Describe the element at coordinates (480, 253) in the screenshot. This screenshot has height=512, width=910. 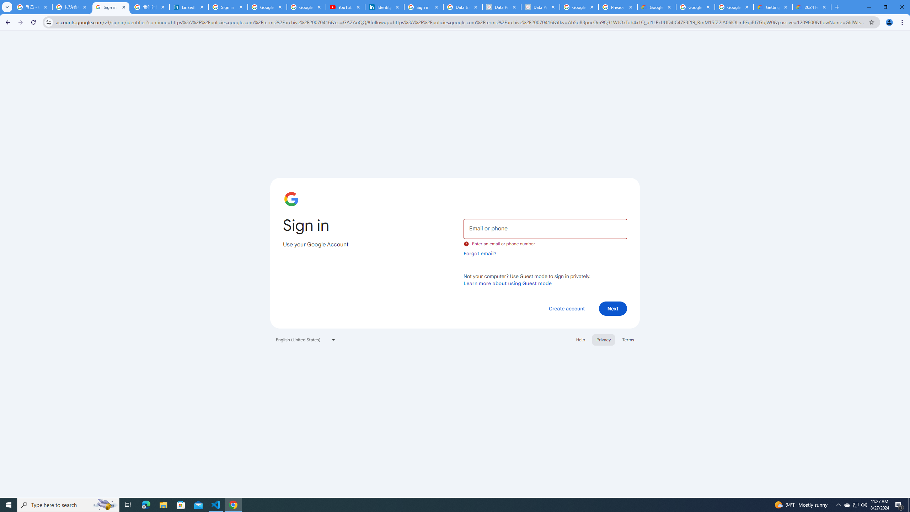
I see `'Forgot email?'` at that location.